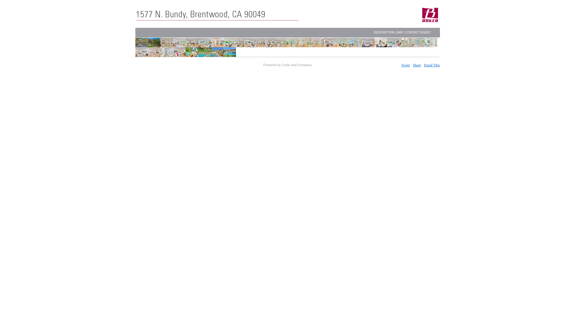 This screenshot has width=575, height=323. I want to click on 'CONTACT AGENT', so click(418, 32).